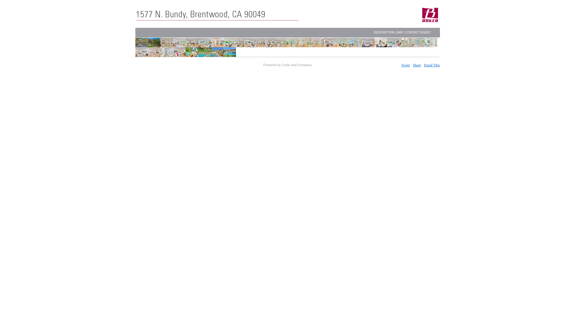 This screenshot has width=575, height=323. I want to click on 'CONTACT AGENT', so click(418, 32).